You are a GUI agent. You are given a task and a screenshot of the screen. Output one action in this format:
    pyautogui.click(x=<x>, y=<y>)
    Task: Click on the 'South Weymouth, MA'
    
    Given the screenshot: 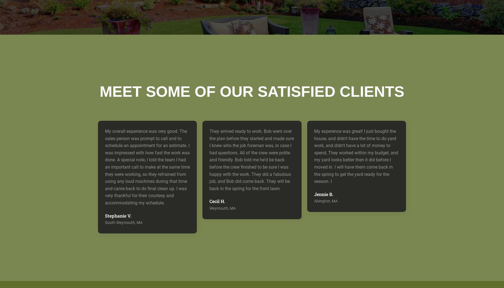 What is the action you would take?
    pyautogui.click(x=105, y=222)
    